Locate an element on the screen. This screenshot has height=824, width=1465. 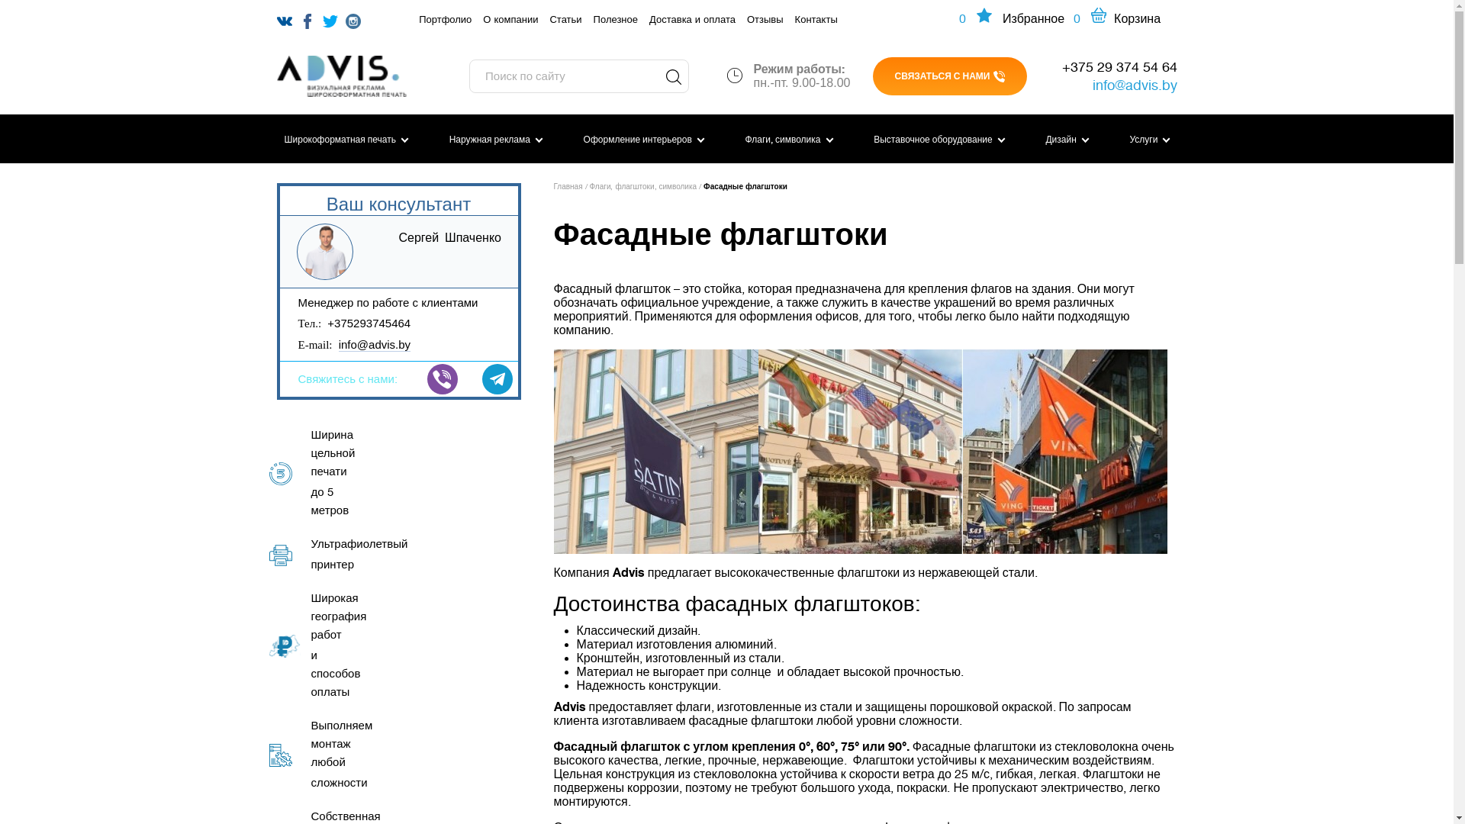
'info@advis.by' is located at coordinates (1112, 85).